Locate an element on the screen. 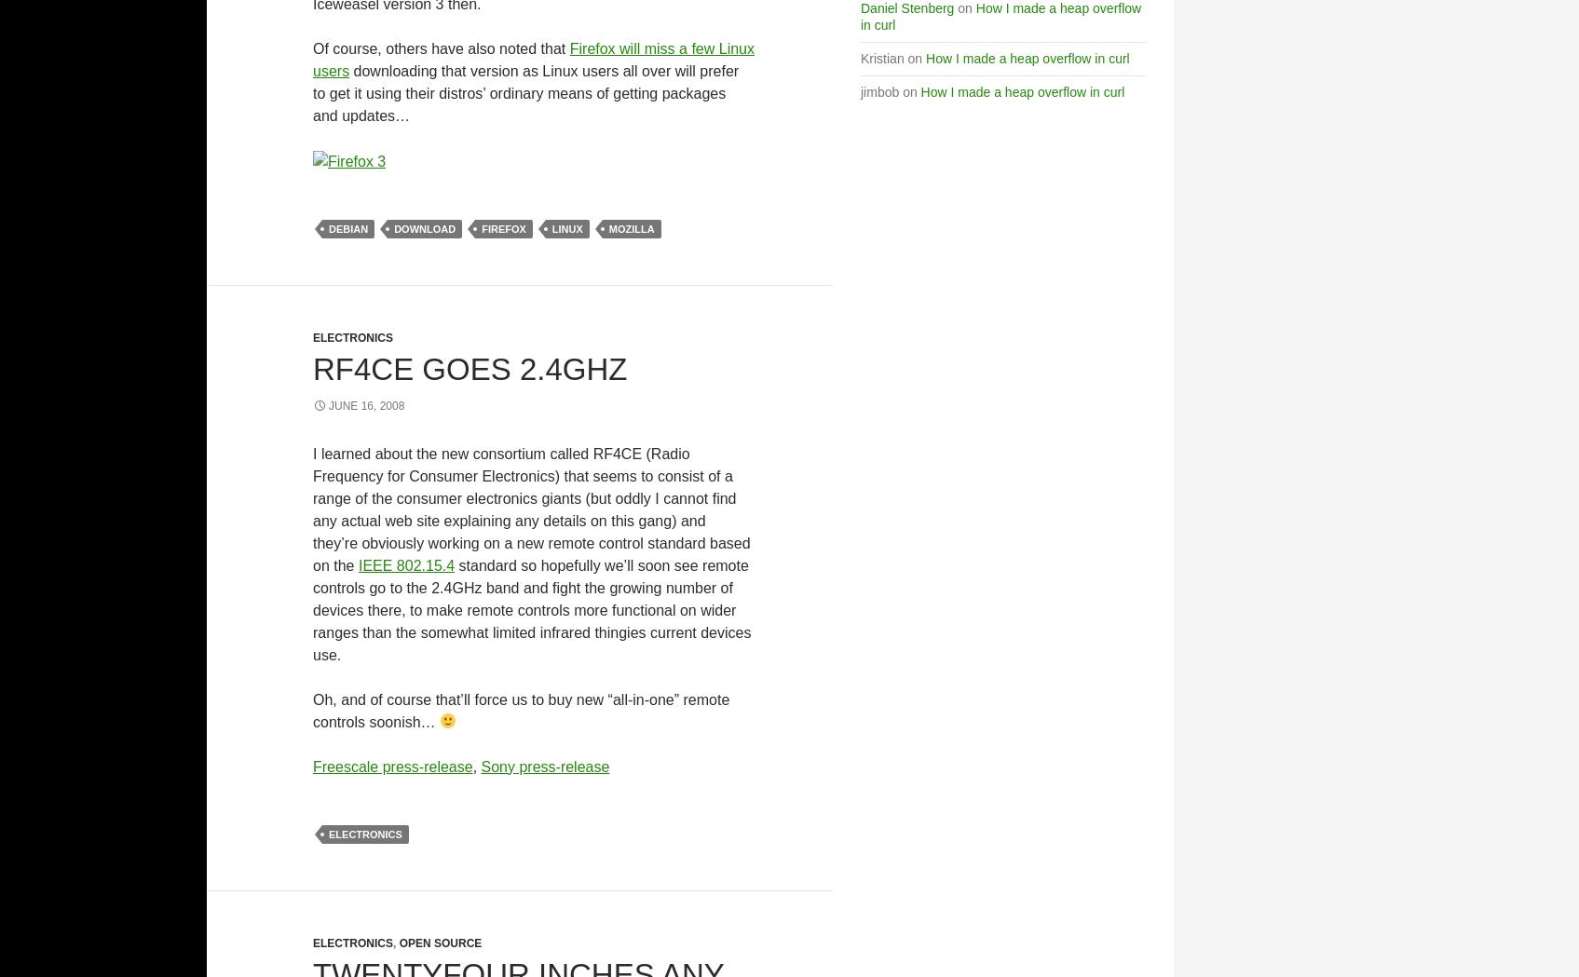 The image size is (1579, 977). 'Sony press-release' is located at coordinates (544, 765).